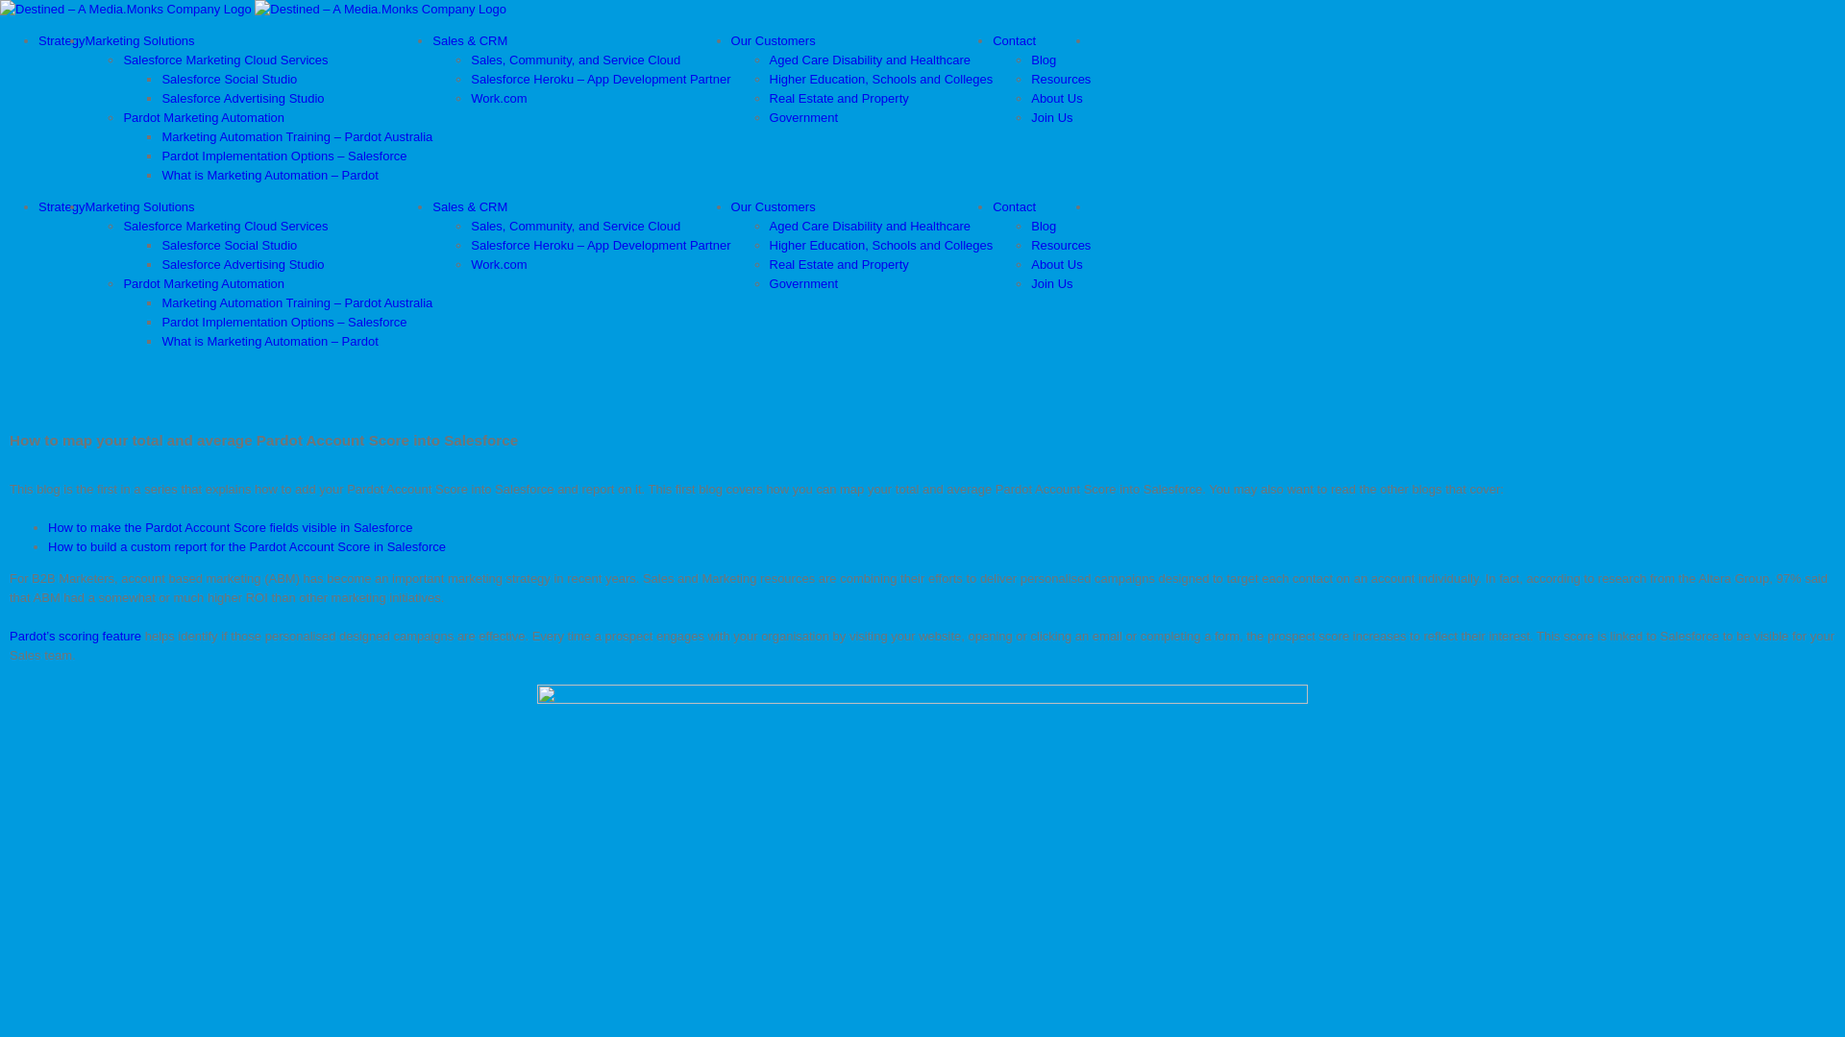  Describe the element at coordinates (575, 225) in the screenshot. I see `'Sales, Community, and Service Cloud'` at that location.